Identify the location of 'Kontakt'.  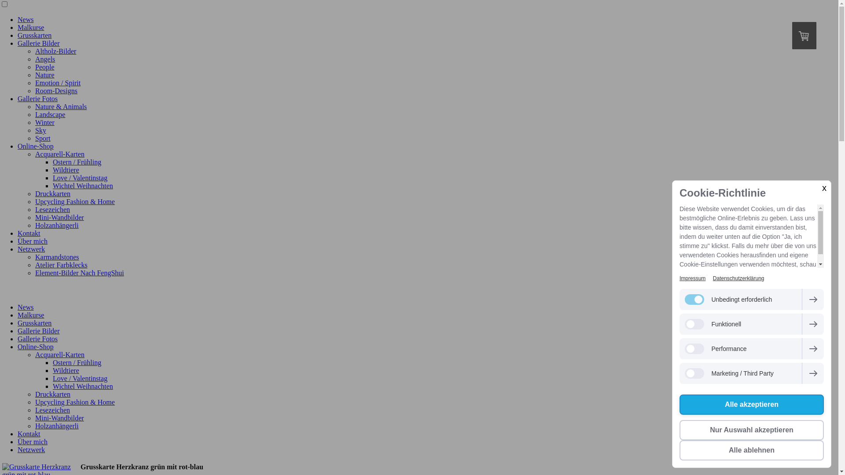
(29, 233).